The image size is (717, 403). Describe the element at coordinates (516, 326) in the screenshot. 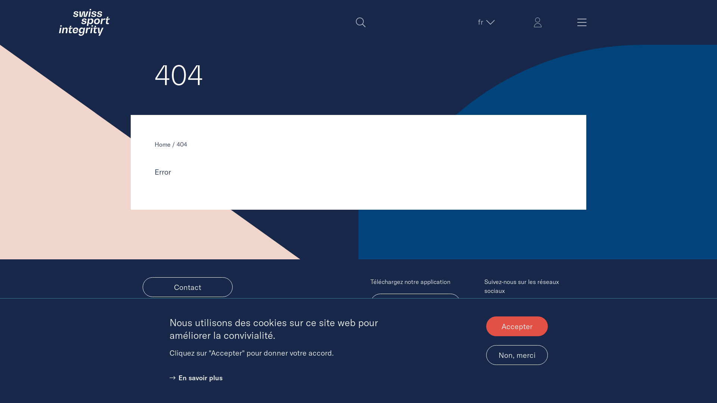

I see `'Accepter'` at that location.